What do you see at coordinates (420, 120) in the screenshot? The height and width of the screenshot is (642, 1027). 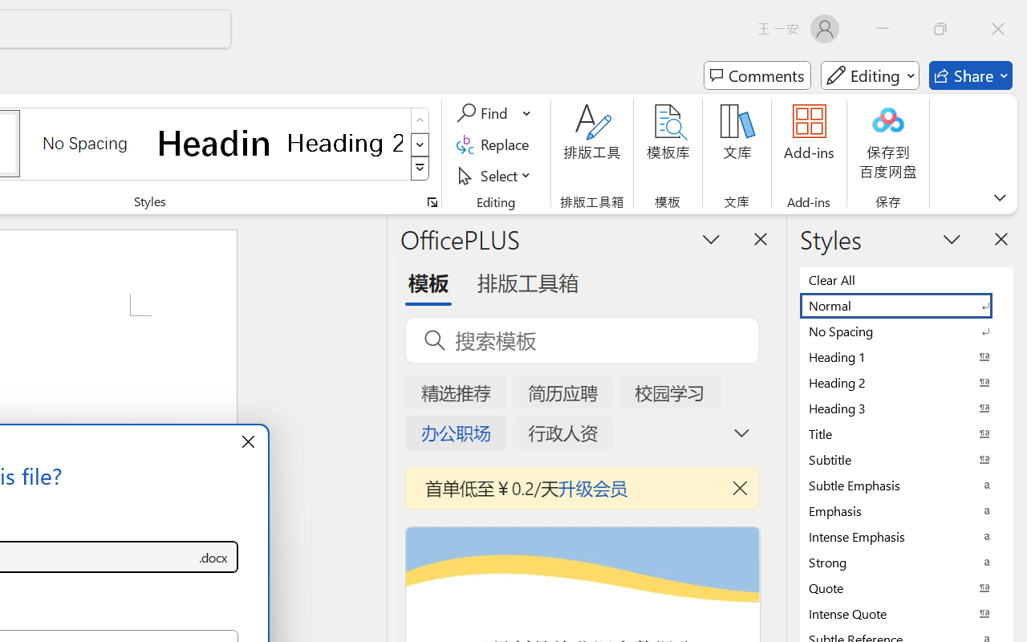 I see `'Row up'` at bounding box center [420, 120].